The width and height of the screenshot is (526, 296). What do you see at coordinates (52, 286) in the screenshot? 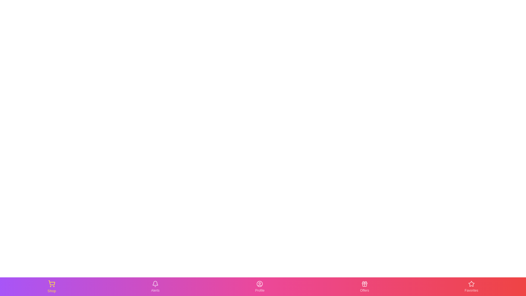
I see `the Shop icon in the navigation bar` at bounding box center [52, 286].